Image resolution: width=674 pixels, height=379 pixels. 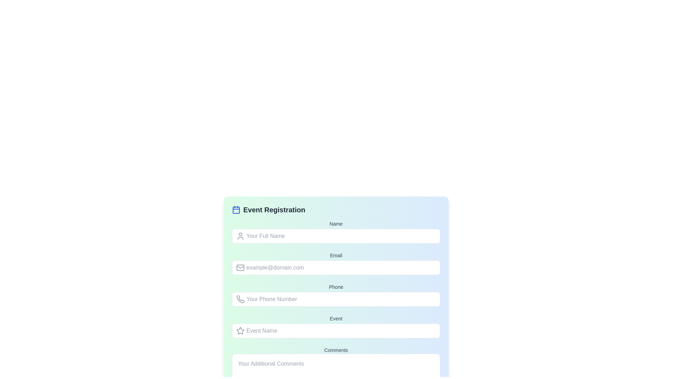 What do you see at coordinates (240, 299) in the screenshot?
I see `the phone icon, which is a minimalistic gray line-art icon located to the left of the placeholder text 'Your Phone Number' in the phone input field` at bounding box center [240, 299].